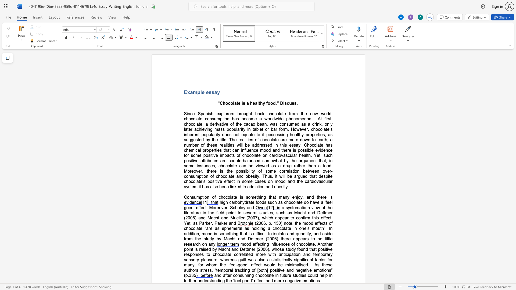  What do you see at coordinates (267, 218) in the screenshot?
I see `the space between the continuous character "h" and "i" in the text` at bounding box center [267, 218].